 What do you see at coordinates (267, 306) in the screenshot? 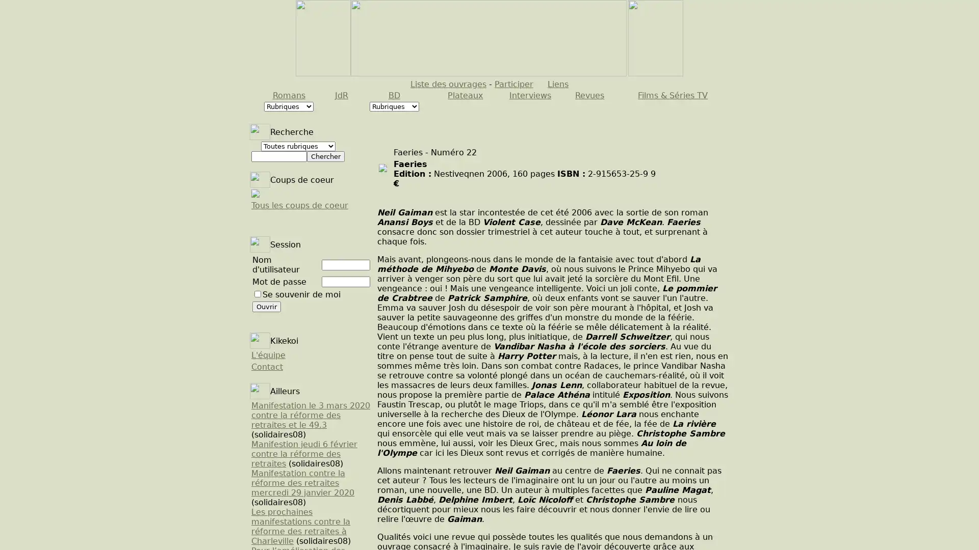
I see `Ouvrir` at bounding box center [267, 306].